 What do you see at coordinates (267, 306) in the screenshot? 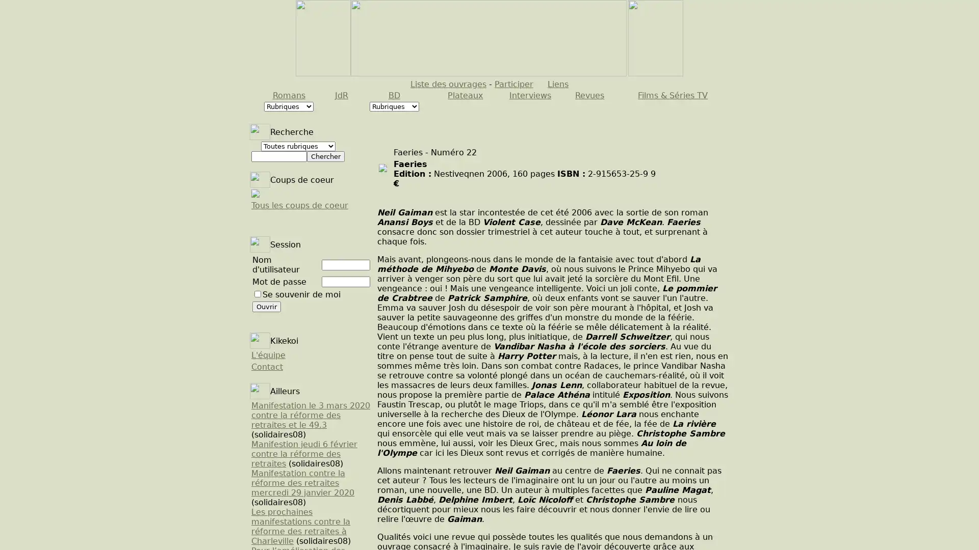
I see `Ouvrir` at bounding box center [267, 306].